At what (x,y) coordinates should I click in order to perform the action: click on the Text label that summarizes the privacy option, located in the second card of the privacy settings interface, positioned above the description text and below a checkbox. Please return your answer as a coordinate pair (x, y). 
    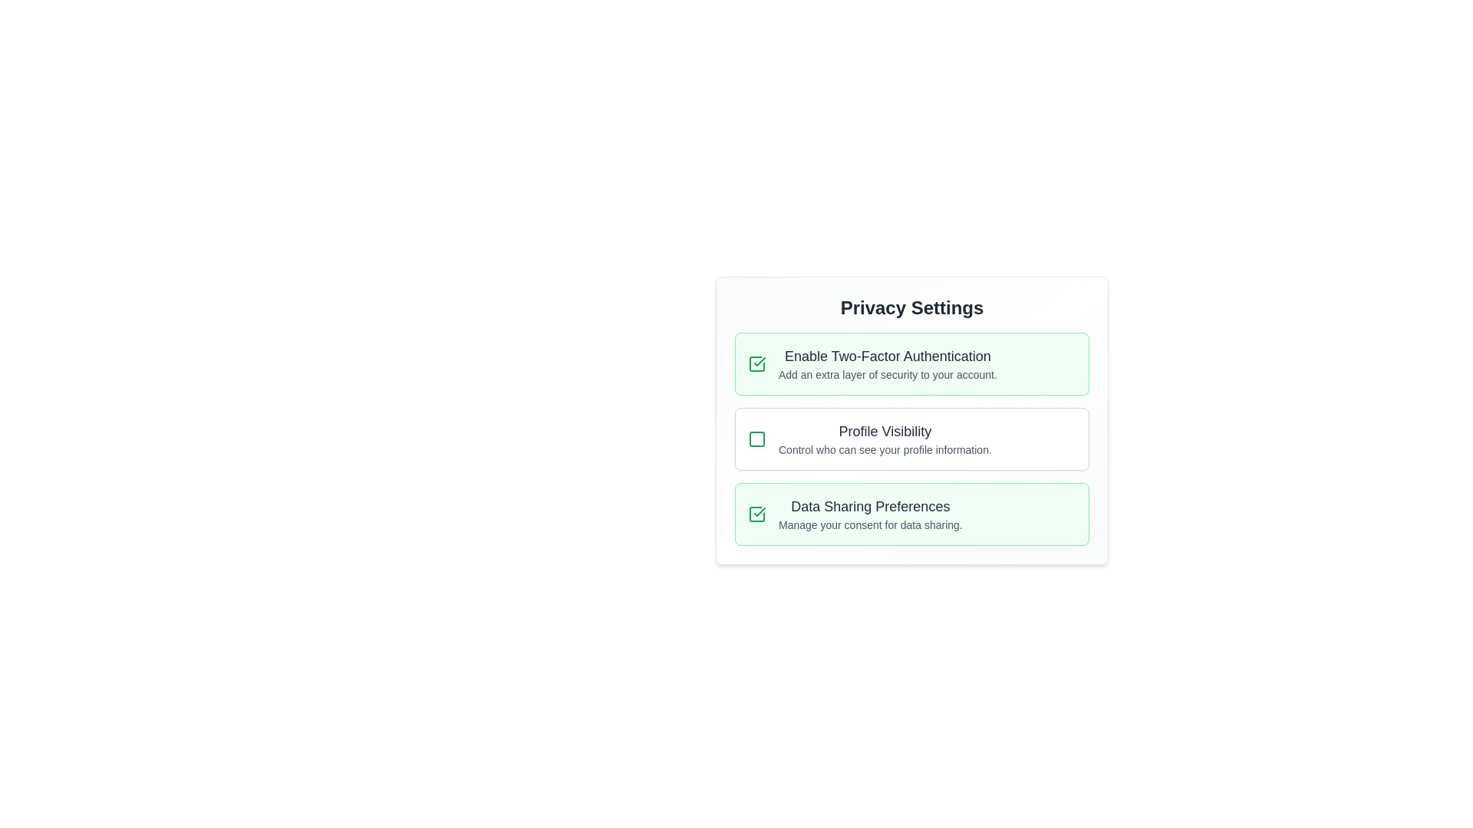
    Looking at the image, I should click on (885, 432).